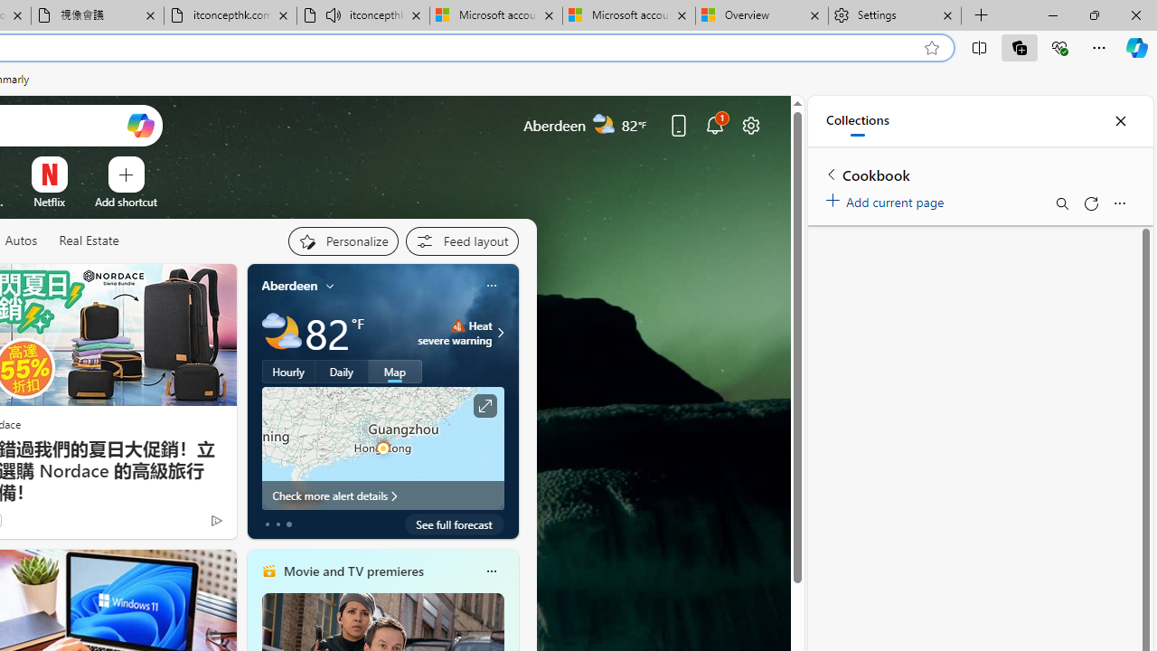 The height and width of the screenshot is (651, 1157). Describe the element at coordinates (343, 241) in the screenshot. I see `'Personalize your feed"'` at that location.